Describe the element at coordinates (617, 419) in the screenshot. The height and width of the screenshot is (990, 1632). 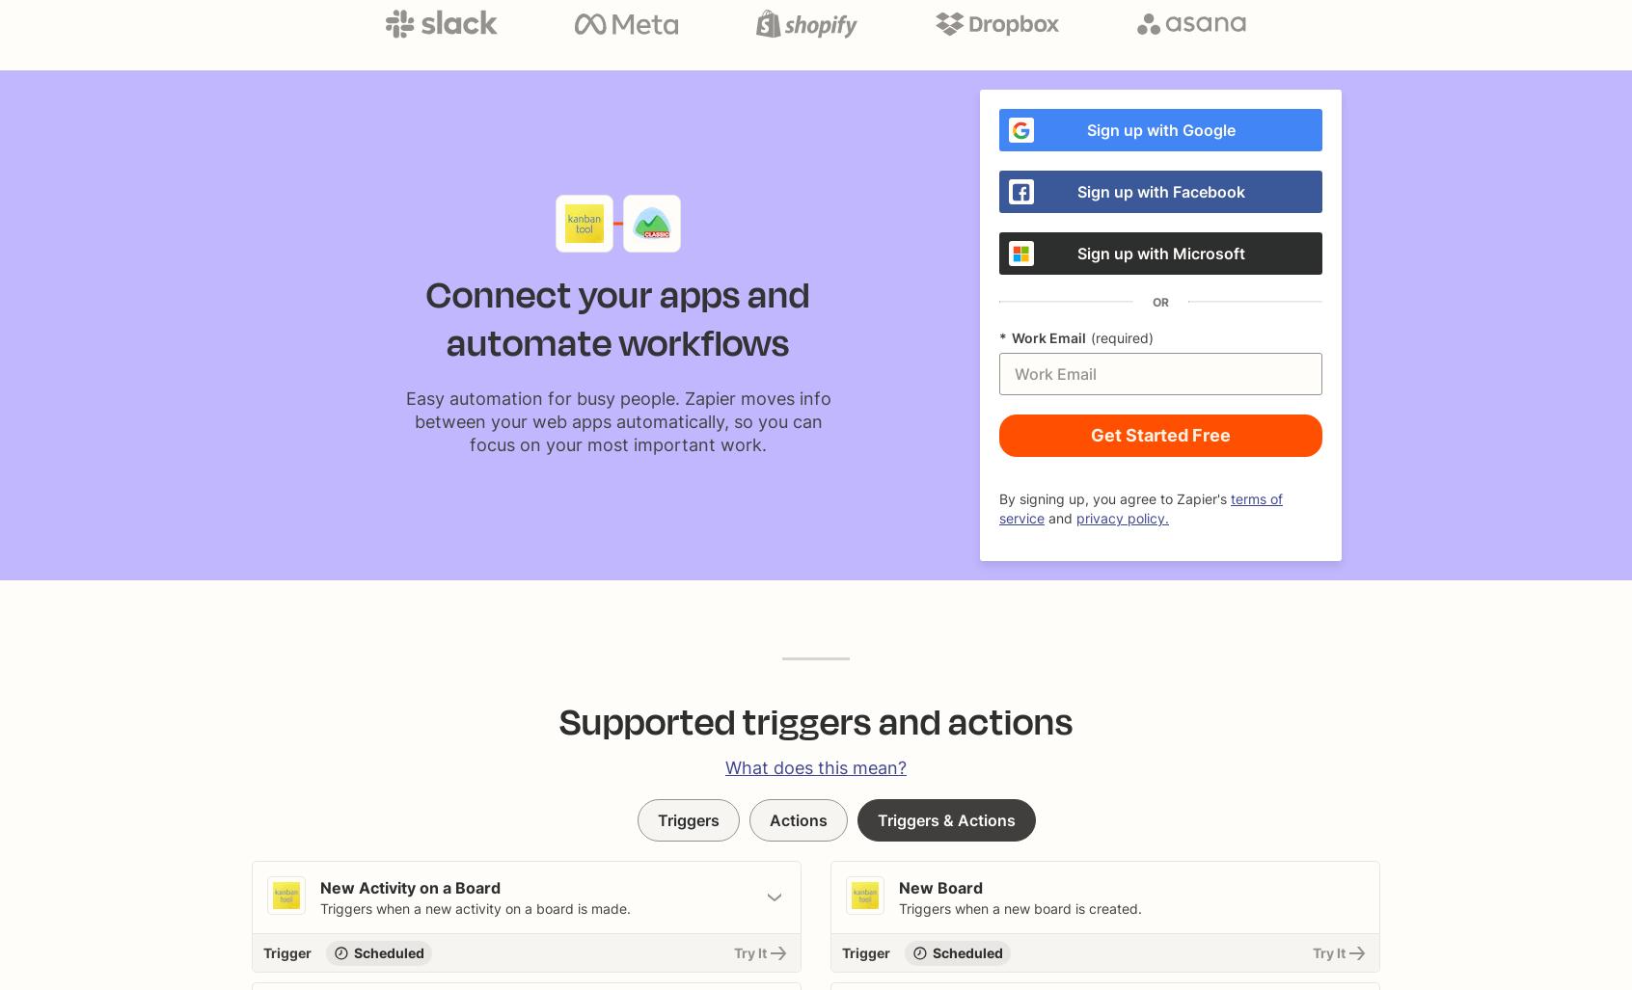
I see `'Easy automation for busy people. Zapier moves info between your web apps automatically, so you can focus on your most important work.'` at that location.